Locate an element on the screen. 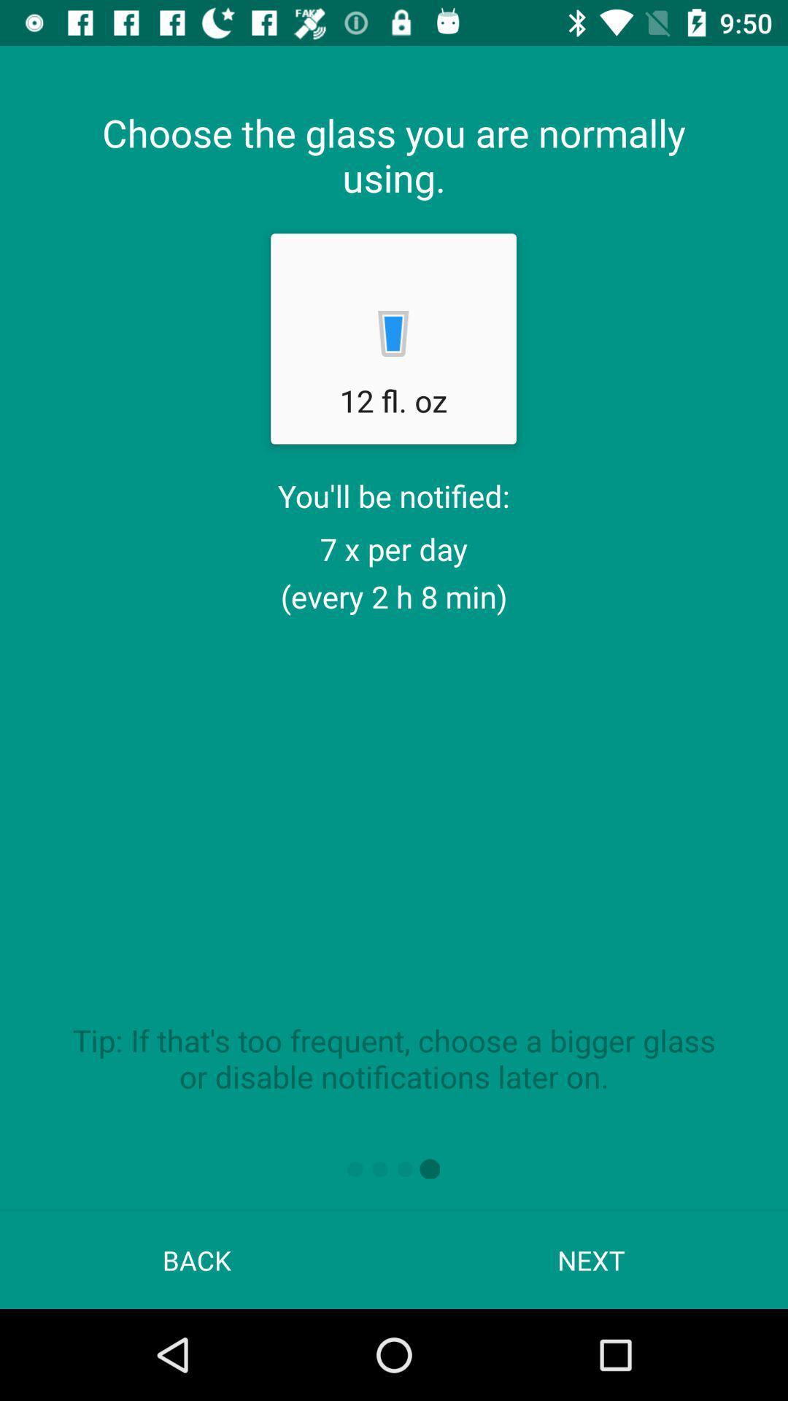  the app next to the next icon is located at coordinates (197, 1259).